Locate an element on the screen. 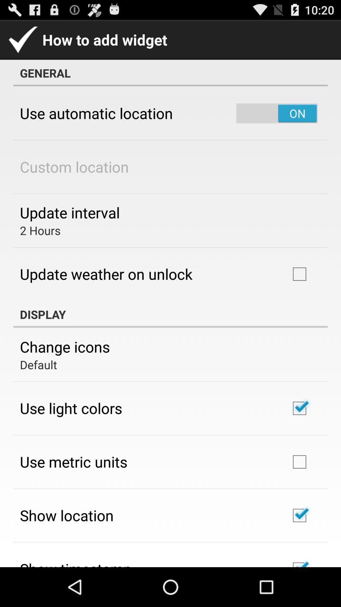  the app below show location app is located at coordinates (75, 563).